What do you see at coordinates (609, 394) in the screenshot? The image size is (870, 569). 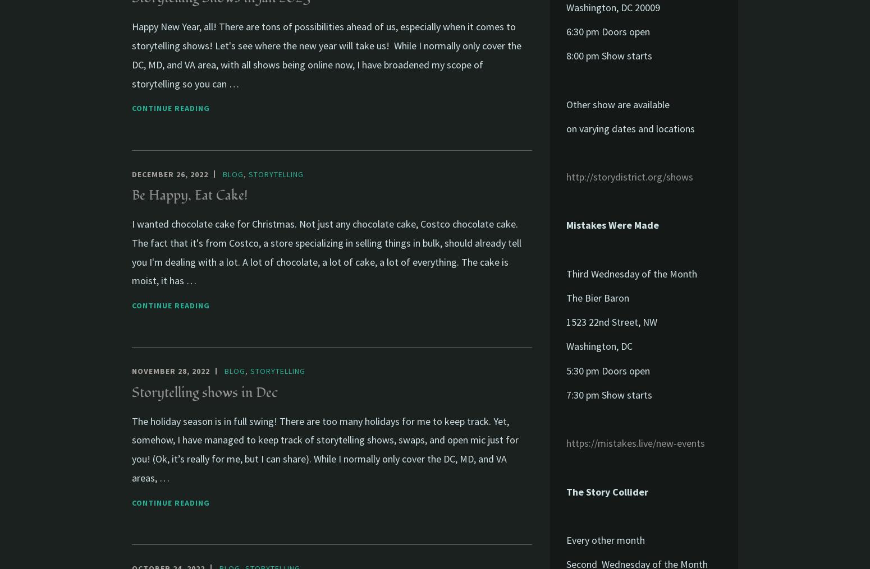 I see `'7:30 pm Show starts'` at bounding box center [609, 394].